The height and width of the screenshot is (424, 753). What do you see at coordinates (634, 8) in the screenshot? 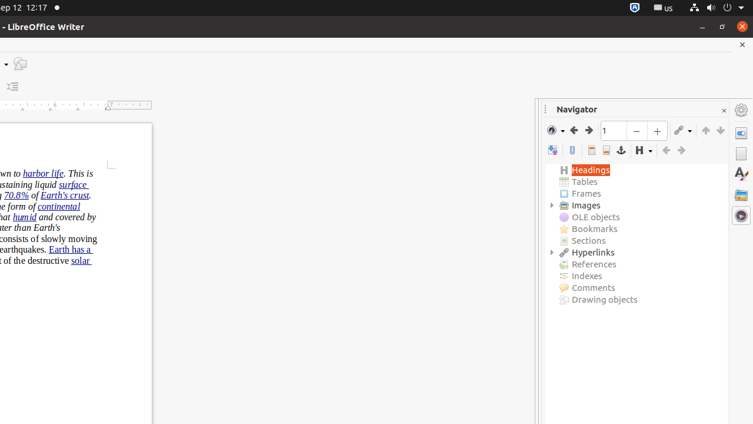
I see `':1.72/StatusNotifierItem'` at bounding box center [634, 8].